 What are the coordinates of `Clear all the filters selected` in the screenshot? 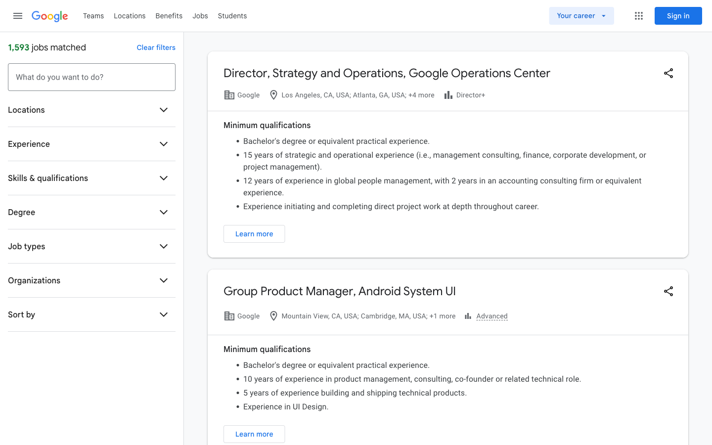 It's located at (156, 47).